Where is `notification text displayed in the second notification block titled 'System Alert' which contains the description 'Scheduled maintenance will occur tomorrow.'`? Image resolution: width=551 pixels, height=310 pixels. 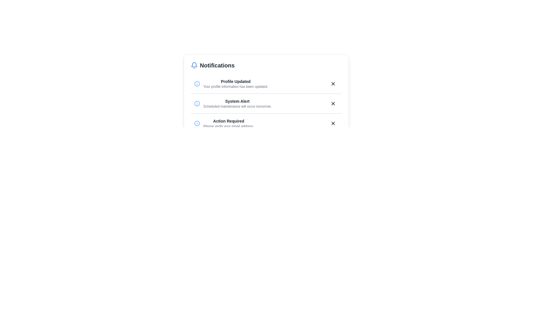
notification text displayed in the second notification block titled 'System Alert' which contains the description 'Scheduled maintenance will occur tomorrow.' is located at coordinates (233, 104).